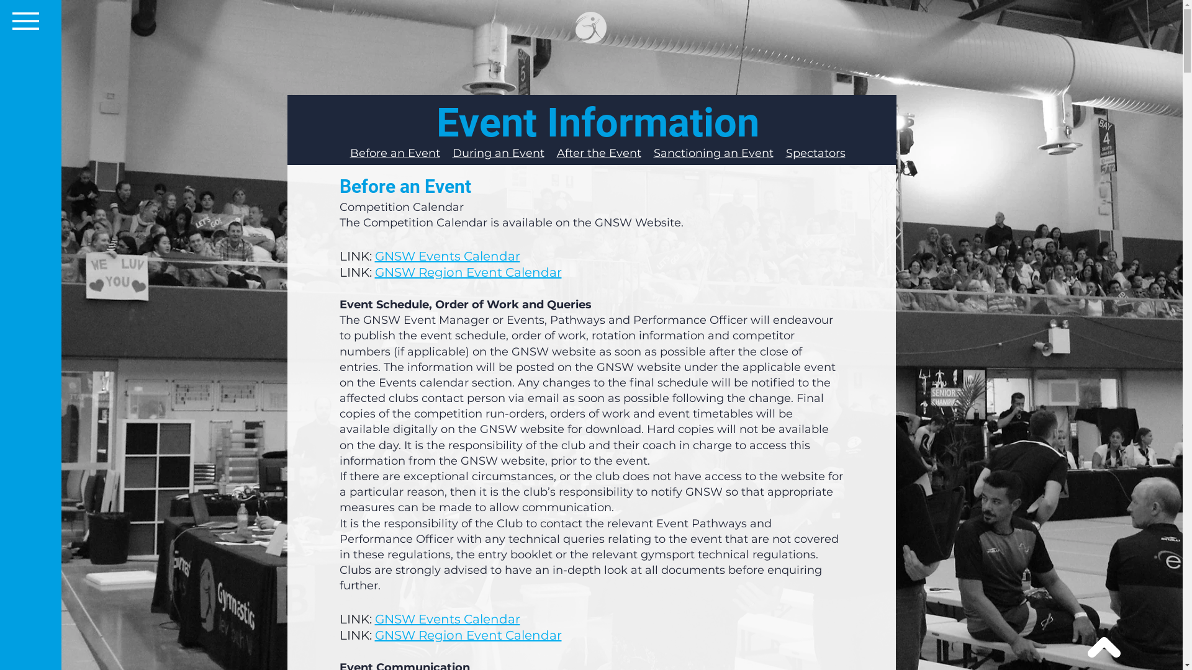  I want to click on 'GNSW Region Event Calendar', so click(467, 272).